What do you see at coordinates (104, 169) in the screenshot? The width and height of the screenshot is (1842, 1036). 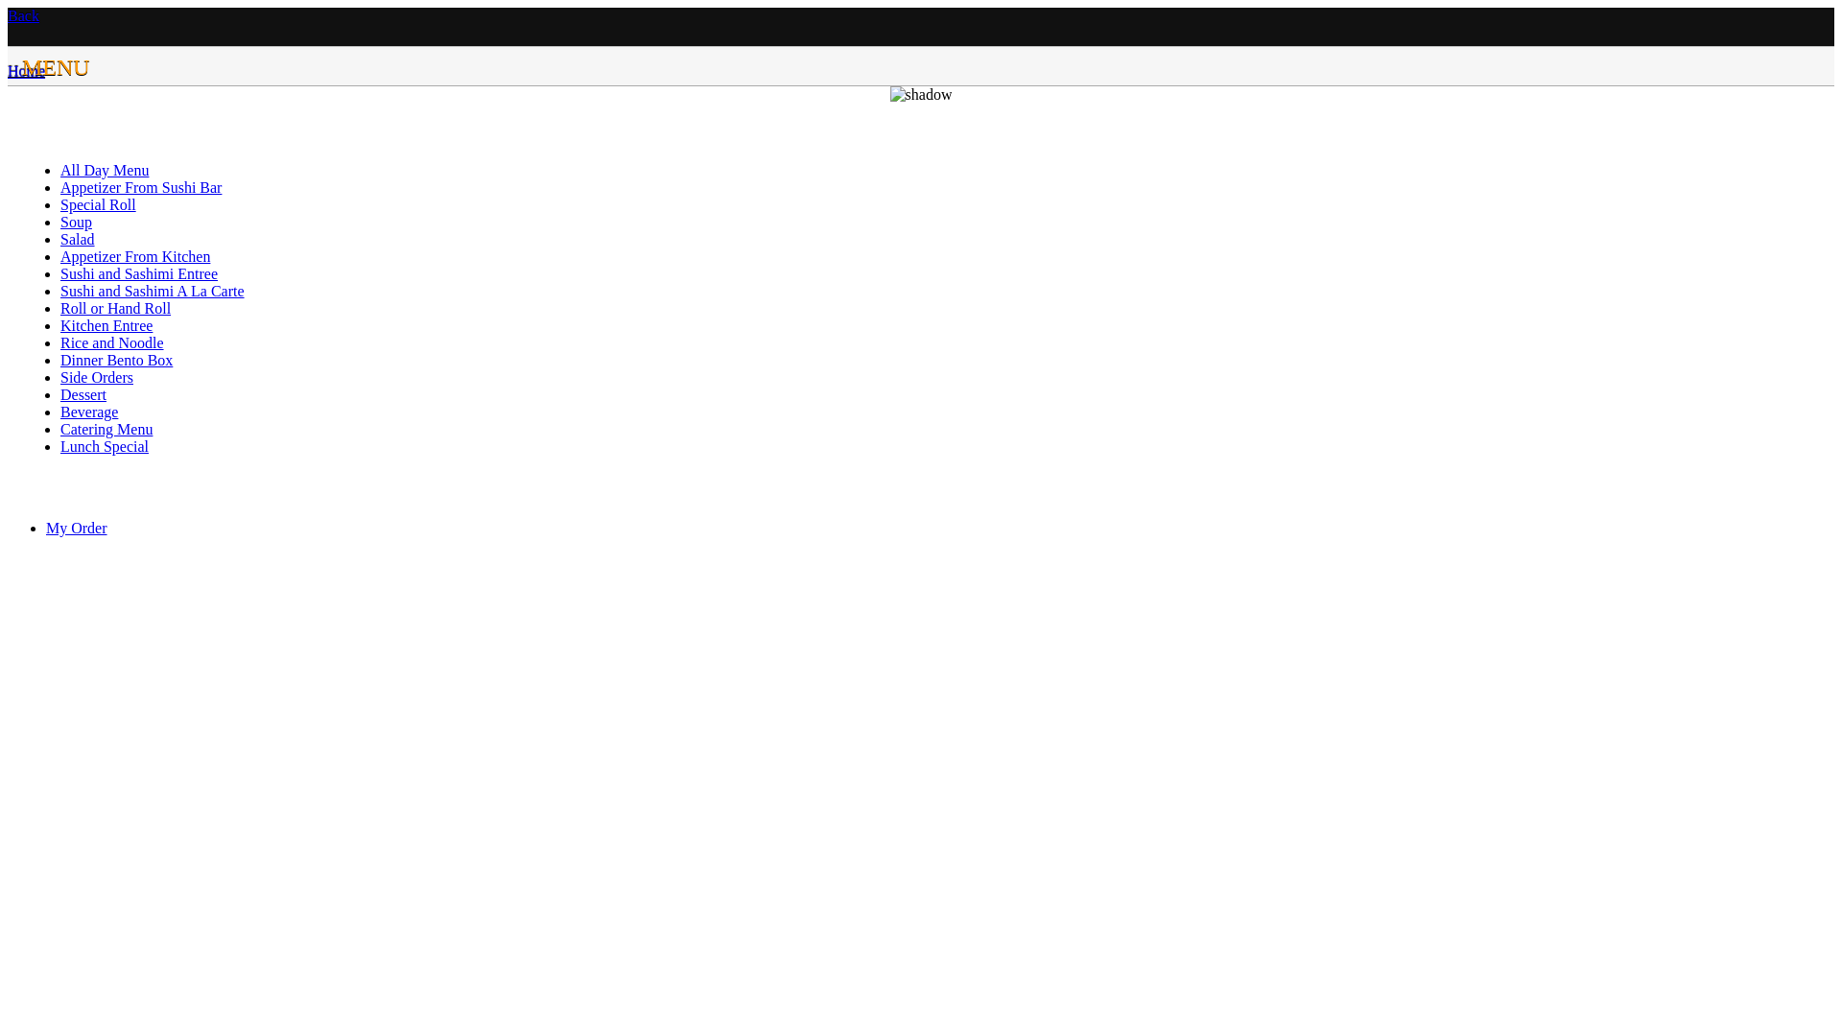 I see `'All Day Menu'` at bounding box center [104, 169].